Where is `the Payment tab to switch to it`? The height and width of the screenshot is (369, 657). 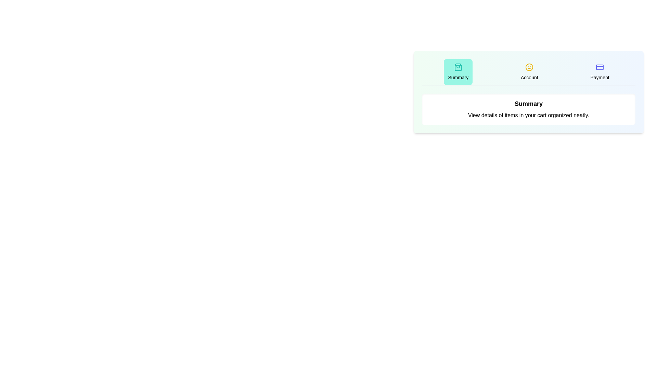
the Payment tab to switch to it is located at coordinates (599, 72).